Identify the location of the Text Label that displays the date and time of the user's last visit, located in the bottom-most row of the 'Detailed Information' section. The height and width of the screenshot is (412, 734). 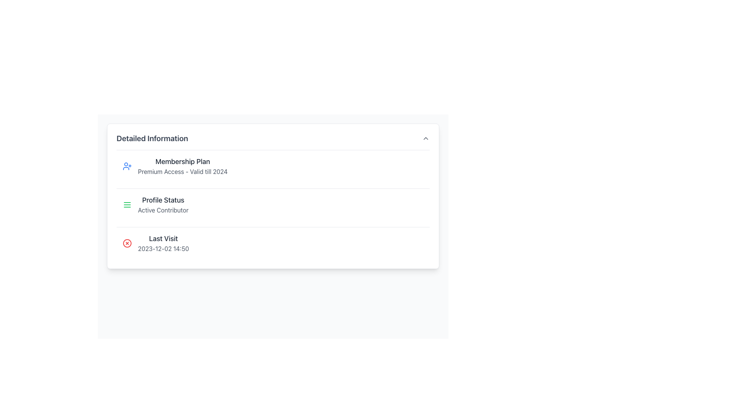
(163, 243).